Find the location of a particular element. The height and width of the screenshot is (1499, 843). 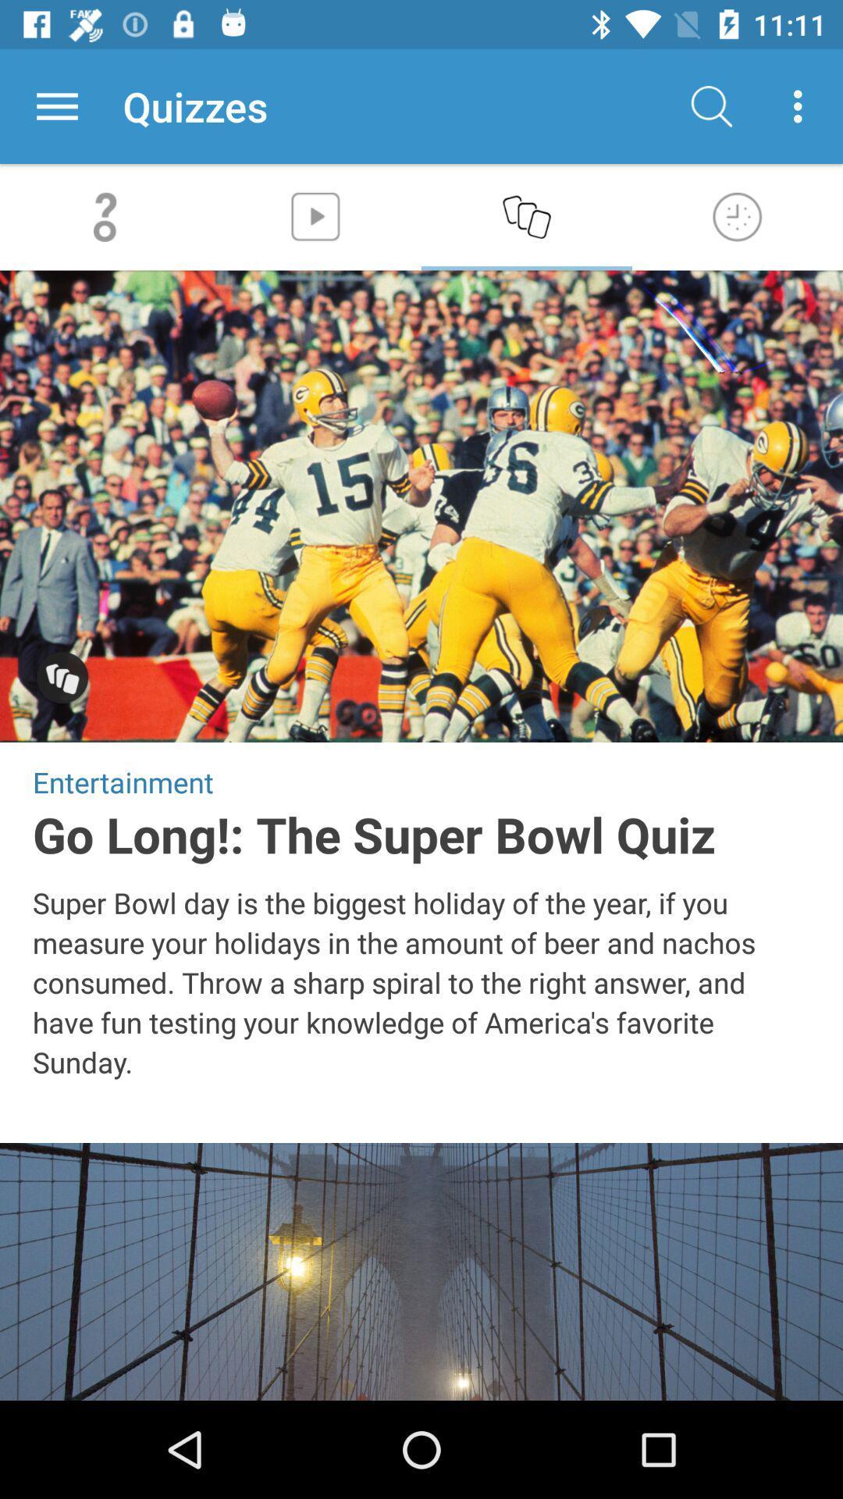

the app next to quizzes is located at coordinates (56, 105).